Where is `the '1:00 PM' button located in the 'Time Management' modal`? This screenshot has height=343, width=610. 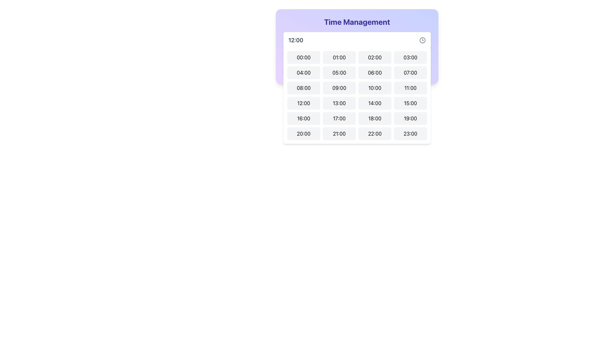 the '1:00 PM' button located in the 'Time Management' modal is located at coordinates (339, 103).